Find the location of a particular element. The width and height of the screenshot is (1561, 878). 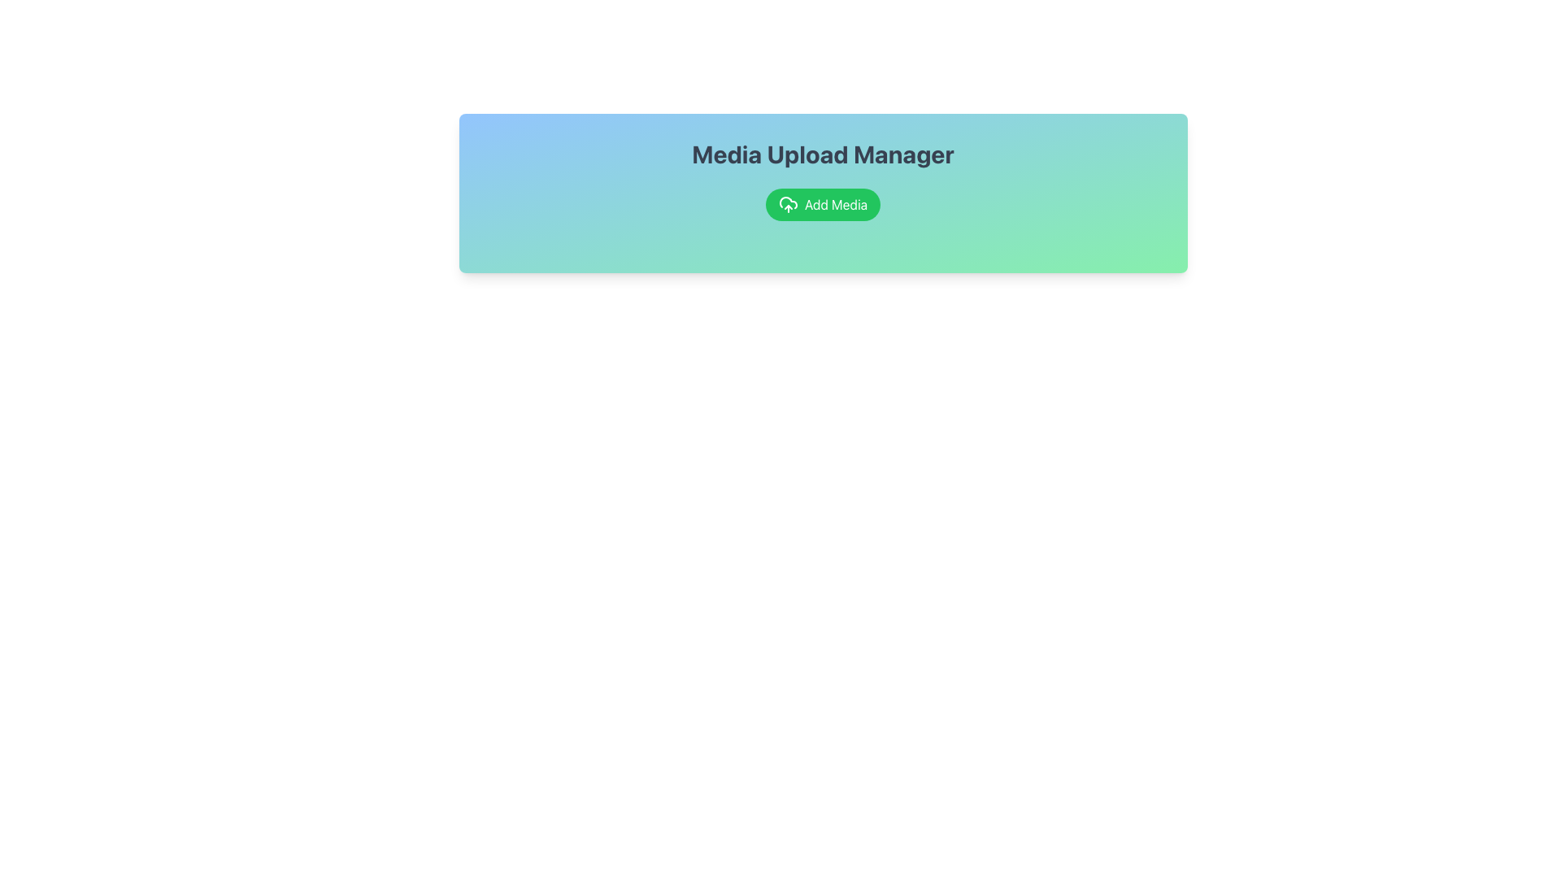

the media upload icon located to the left of the 'Add Media' button in the 'Media Upload Manager' section is located at coordinates (788, 203).